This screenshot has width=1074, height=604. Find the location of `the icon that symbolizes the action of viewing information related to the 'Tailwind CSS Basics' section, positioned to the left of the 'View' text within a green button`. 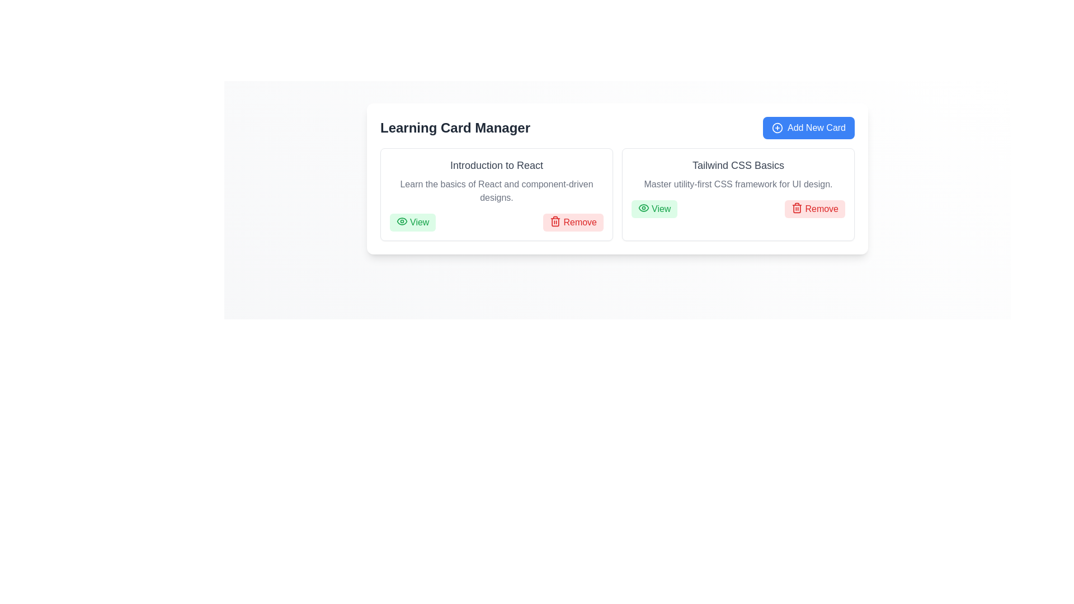

the icon that symbolizes the action of viewing information related to the 'Tailwind CSS Basics' section, positioned to the left of the 'View' text within a green button is located at coordinates (644, 207).